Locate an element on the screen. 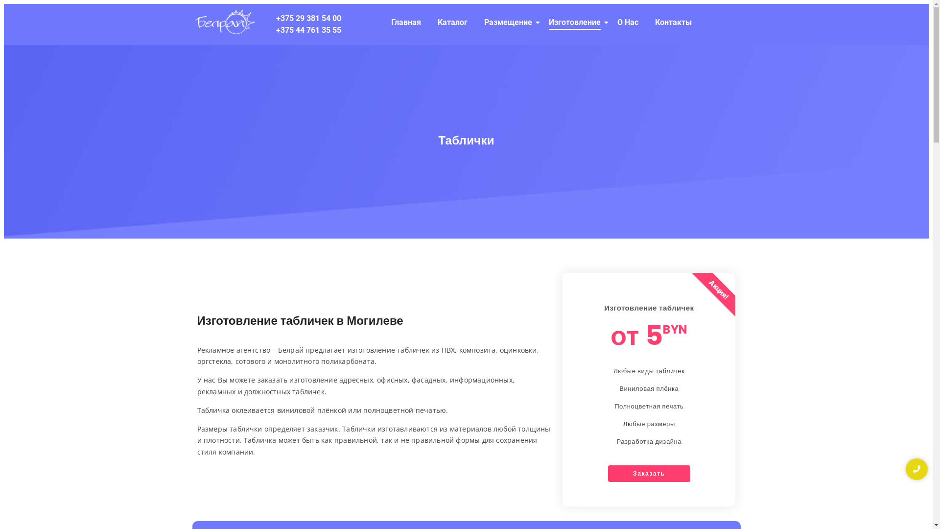 The width and height of the screenshot is (940, 529). '+375 29 381 54 00' is located at coordinates (276, 18).